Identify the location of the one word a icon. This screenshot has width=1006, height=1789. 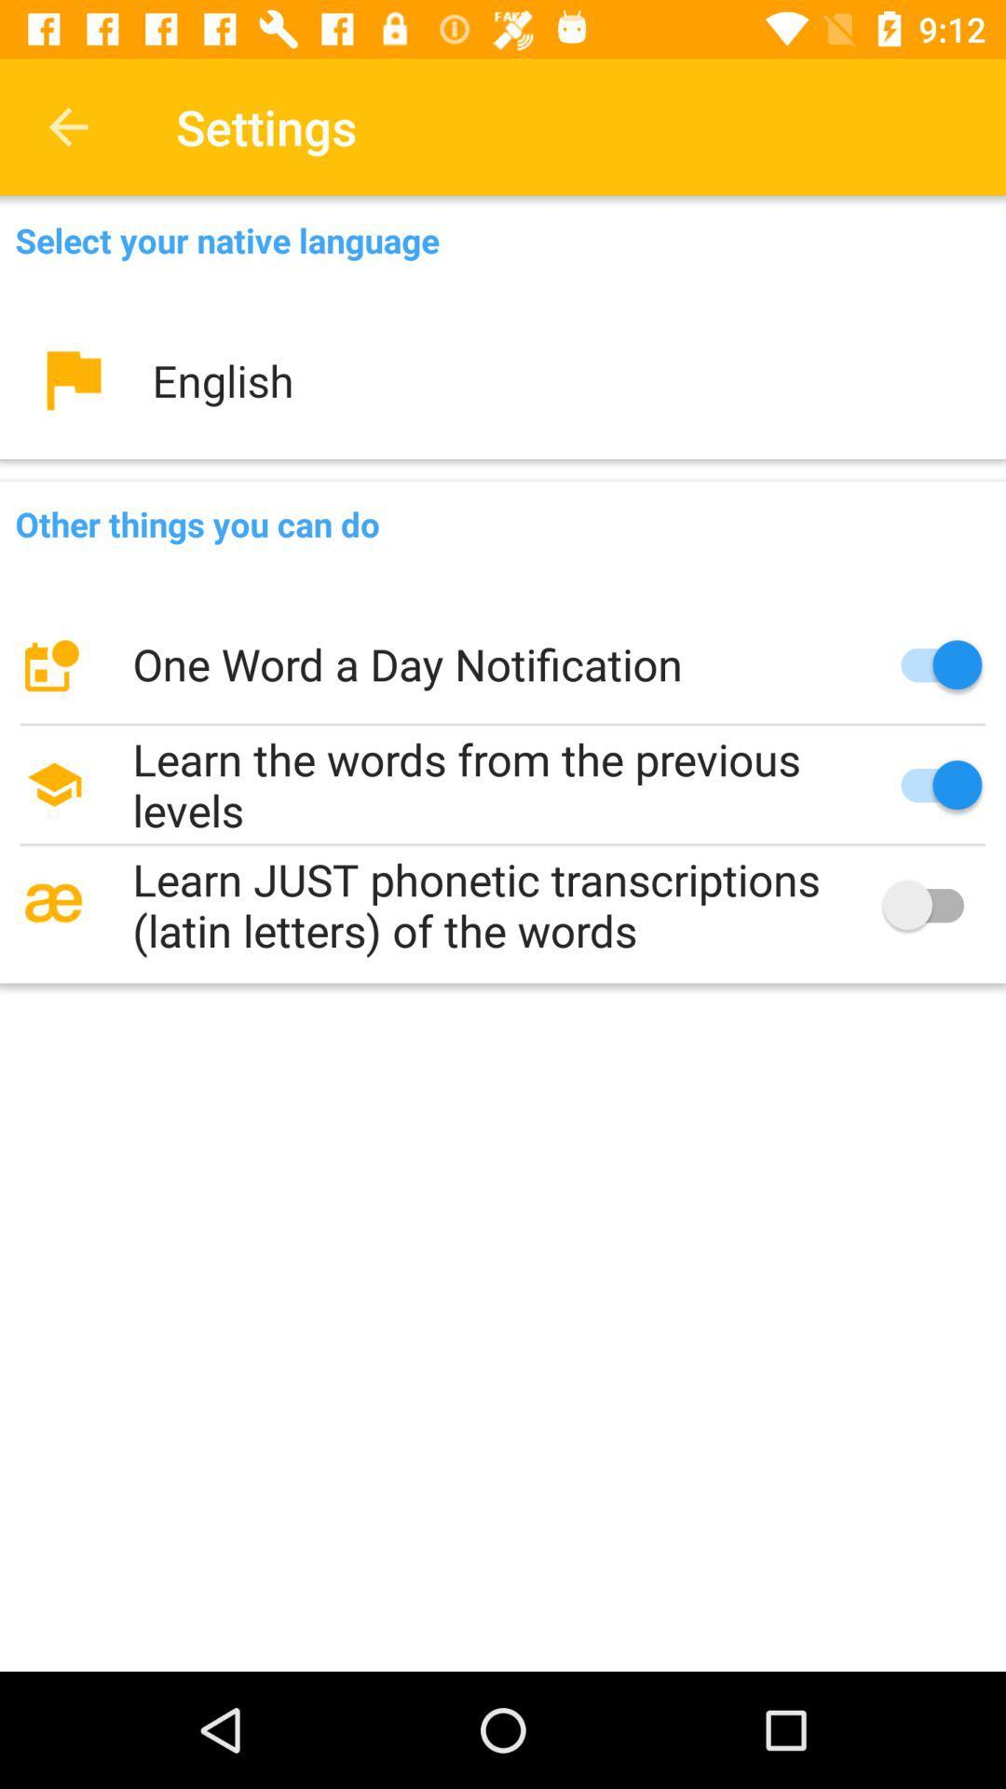
(503, 664).